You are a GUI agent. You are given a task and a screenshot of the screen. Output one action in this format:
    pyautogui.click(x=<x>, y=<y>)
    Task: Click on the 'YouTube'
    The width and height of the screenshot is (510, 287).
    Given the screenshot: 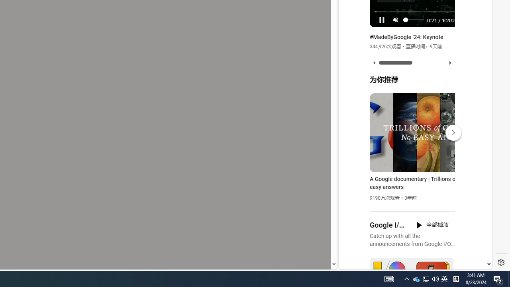 What is the action you would take?
    pyautogui.click(x=412, y=172)
    